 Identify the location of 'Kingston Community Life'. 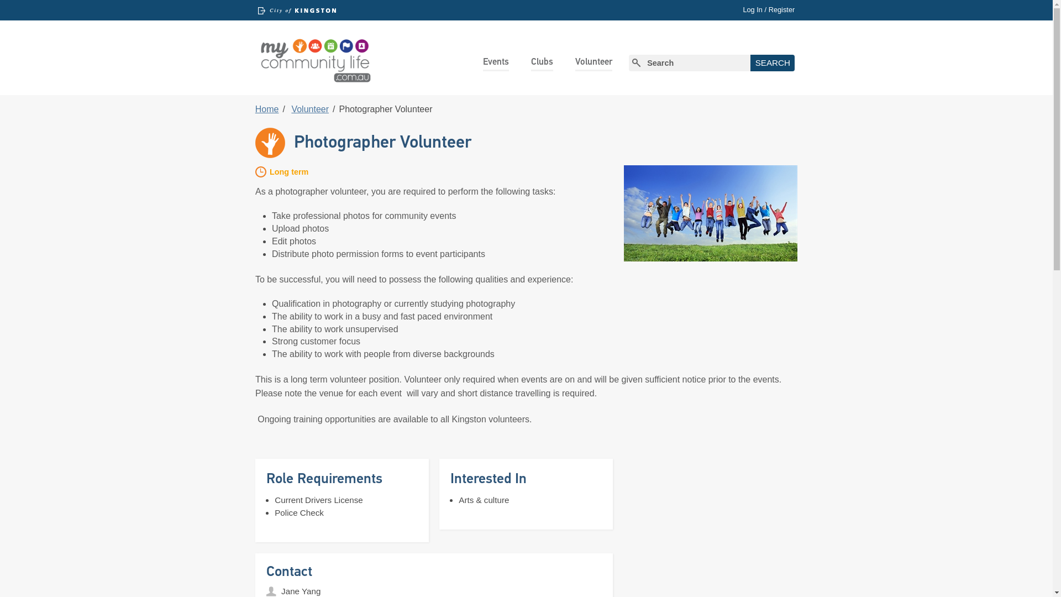
(314, 58).